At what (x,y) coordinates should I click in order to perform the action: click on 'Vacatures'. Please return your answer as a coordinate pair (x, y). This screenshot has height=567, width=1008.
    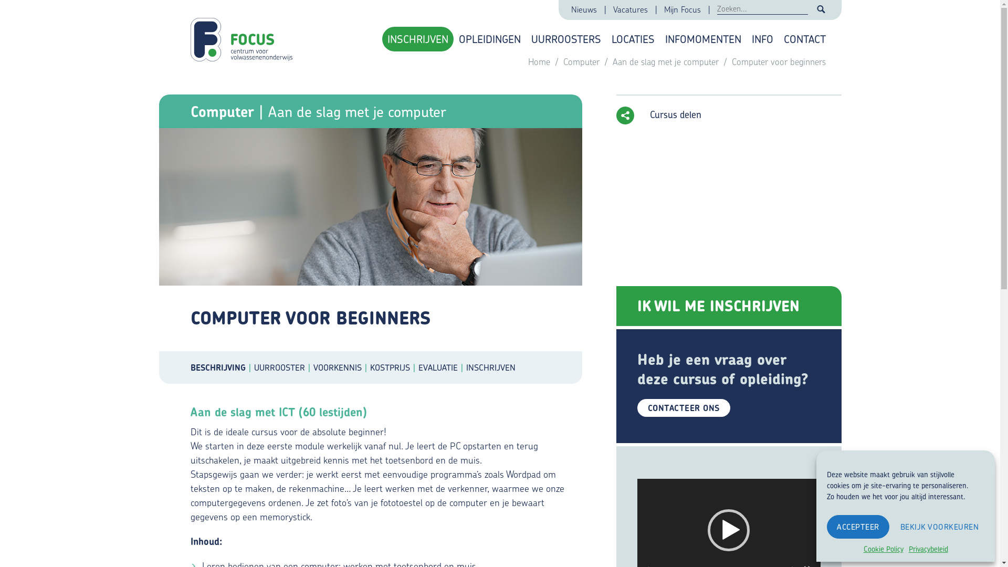
    Looking at the image, I should click on (631, 10).